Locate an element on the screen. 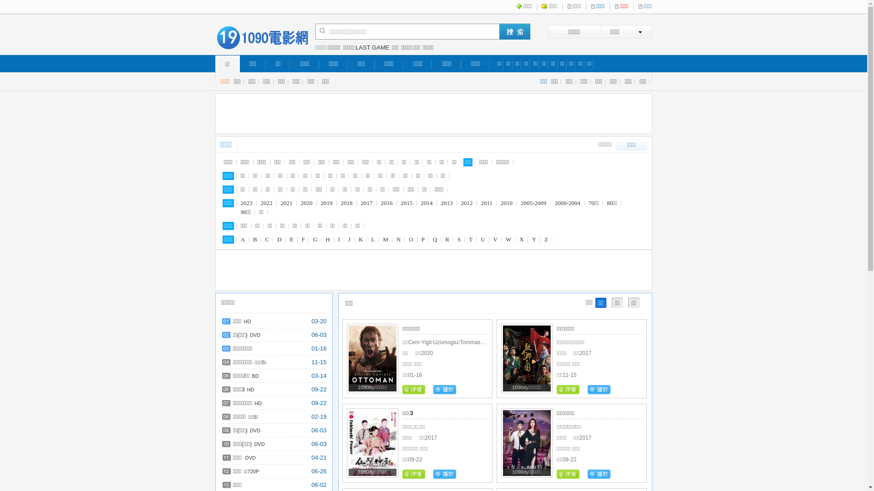  'A' is located at coordinates (239, 239).